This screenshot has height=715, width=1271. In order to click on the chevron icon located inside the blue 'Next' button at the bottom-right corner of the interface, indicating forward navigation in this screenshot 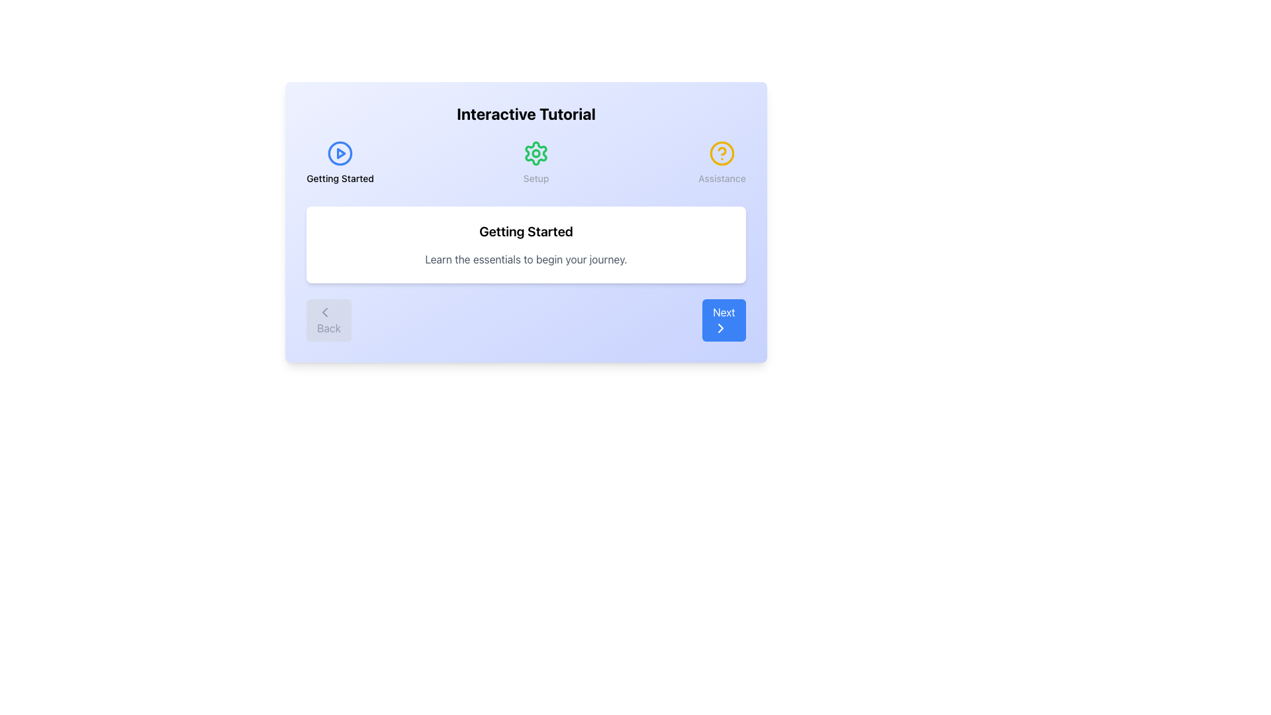, I will do `click(720, 328)`.